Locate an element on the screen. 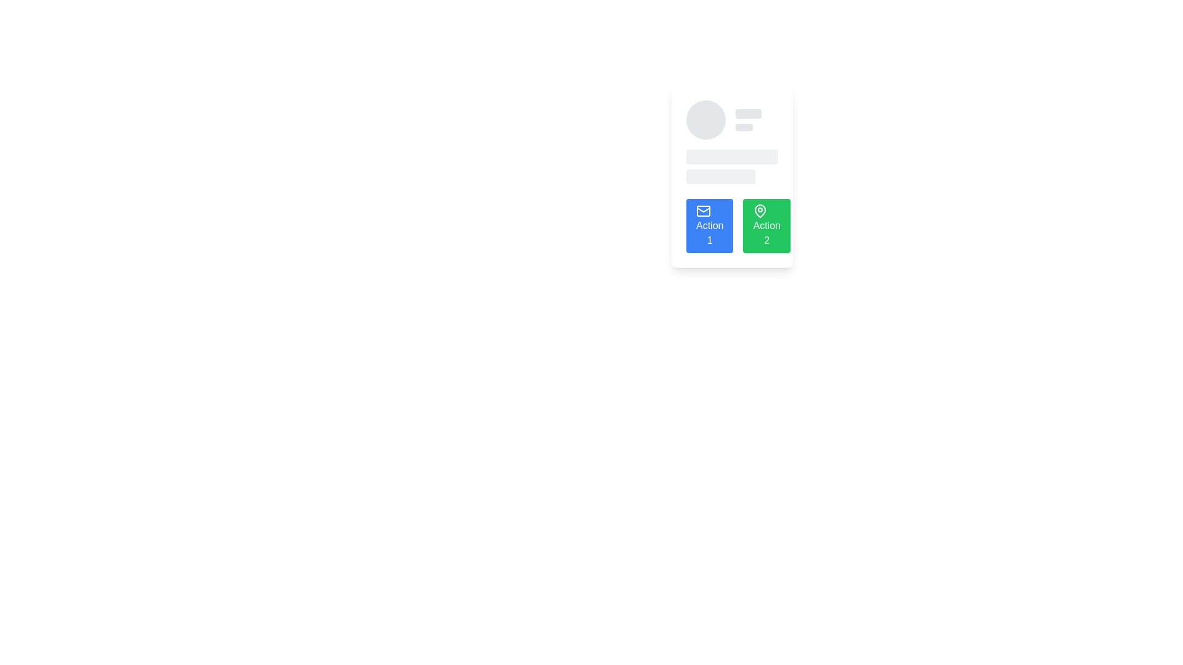 The height and width of the screenshot is (665, 1183). the pin icon located inside the green button representing 'Action 2', which is situated to the right of the blue button labeled 'Action 1' is located at coordinates (760, 211).